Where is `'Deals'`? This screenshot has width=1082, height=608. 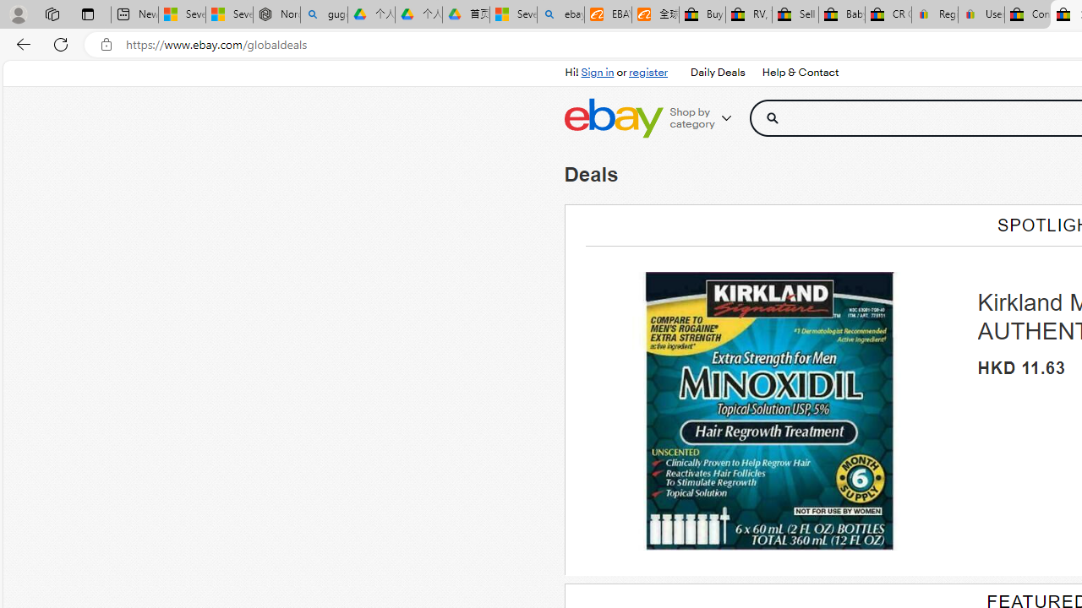 'Deals' is located at coordinates (591, 174).